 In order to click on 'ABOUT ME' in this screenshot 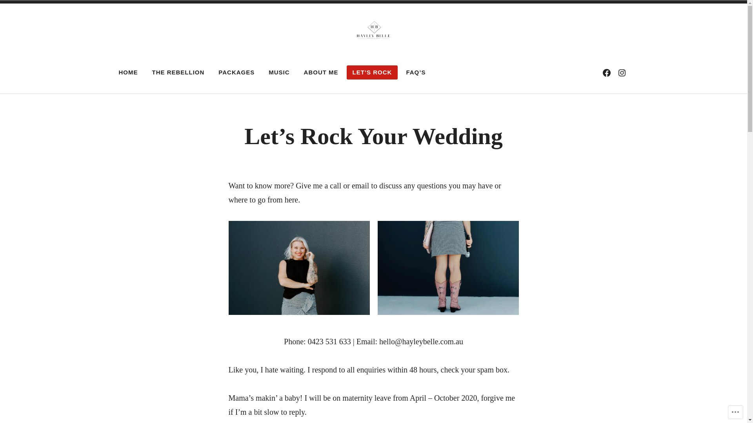, I will do `click(321, 72)`.